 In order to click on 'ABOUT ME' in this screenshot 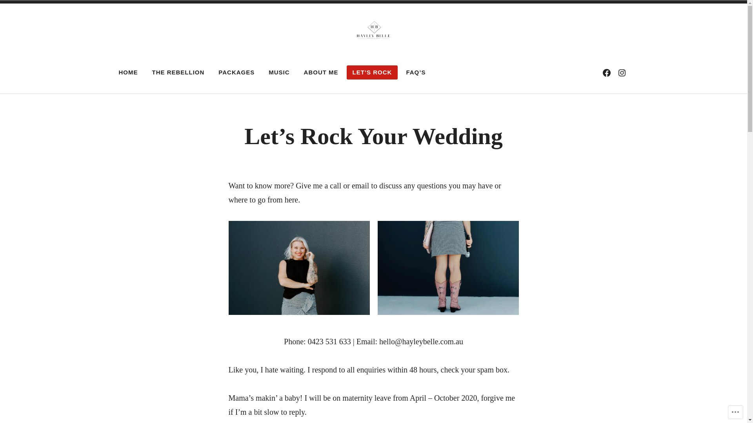, I will do `click(321, 72)`.